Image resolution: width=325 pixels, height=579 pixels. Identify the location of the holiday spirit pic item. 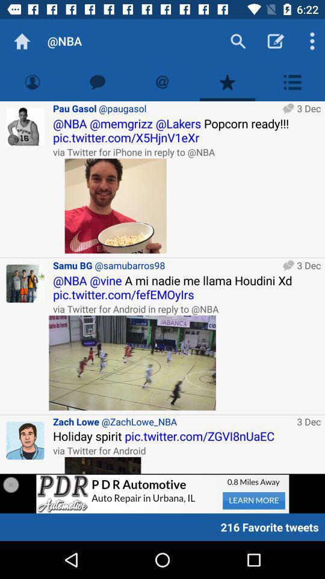
(187, 435).